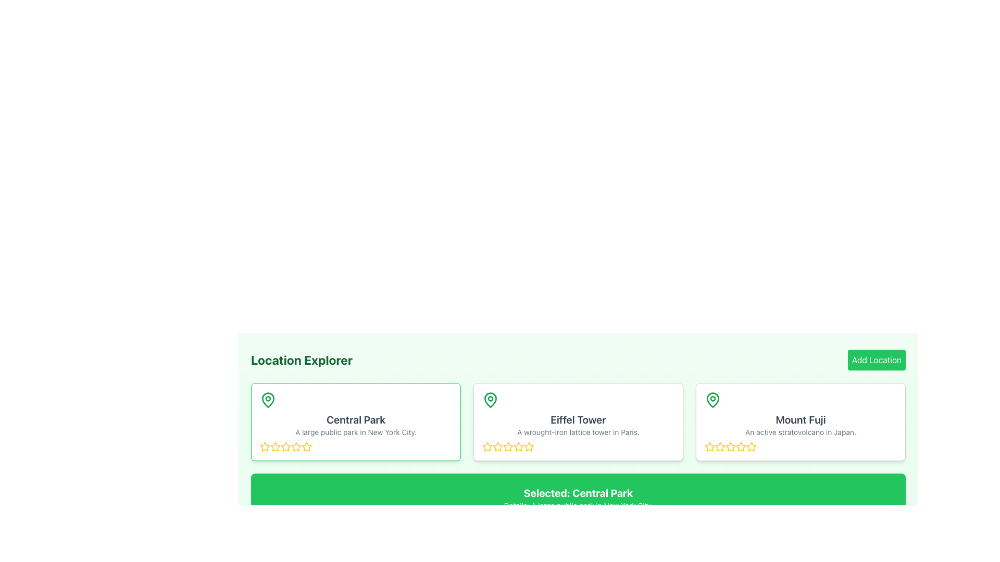  I want to click on the descriptive static text about Mount Fuji, which is located beneath the title 'Mount Fuji' and above five yellow star icons, so click(800, 432).